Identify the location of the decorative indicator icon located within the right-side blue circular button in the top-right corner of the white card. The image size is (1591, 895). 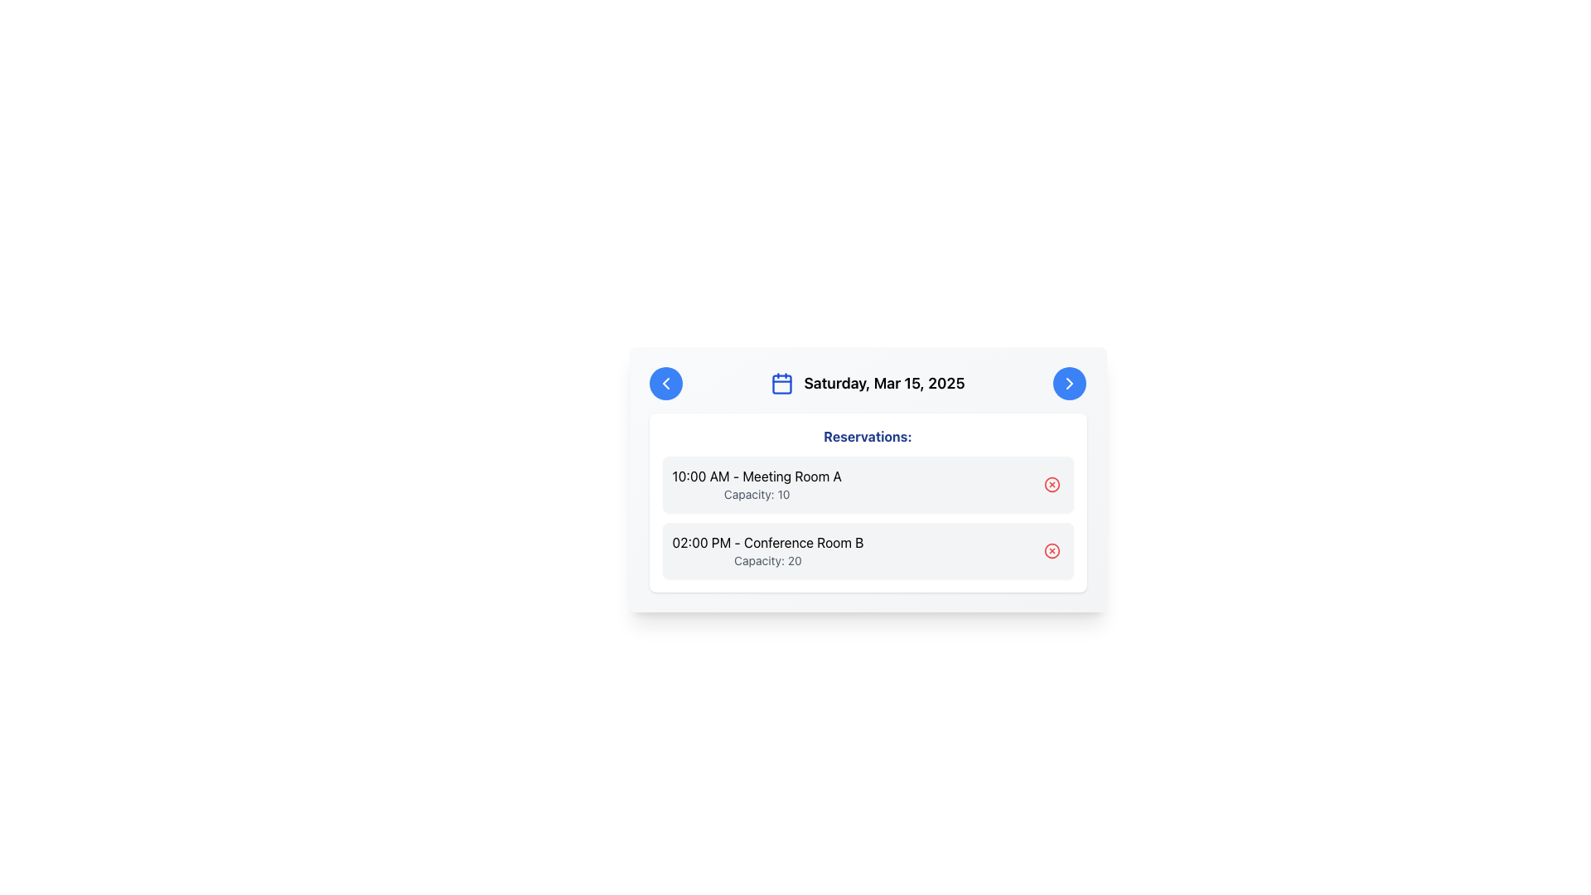
(1070, 383).